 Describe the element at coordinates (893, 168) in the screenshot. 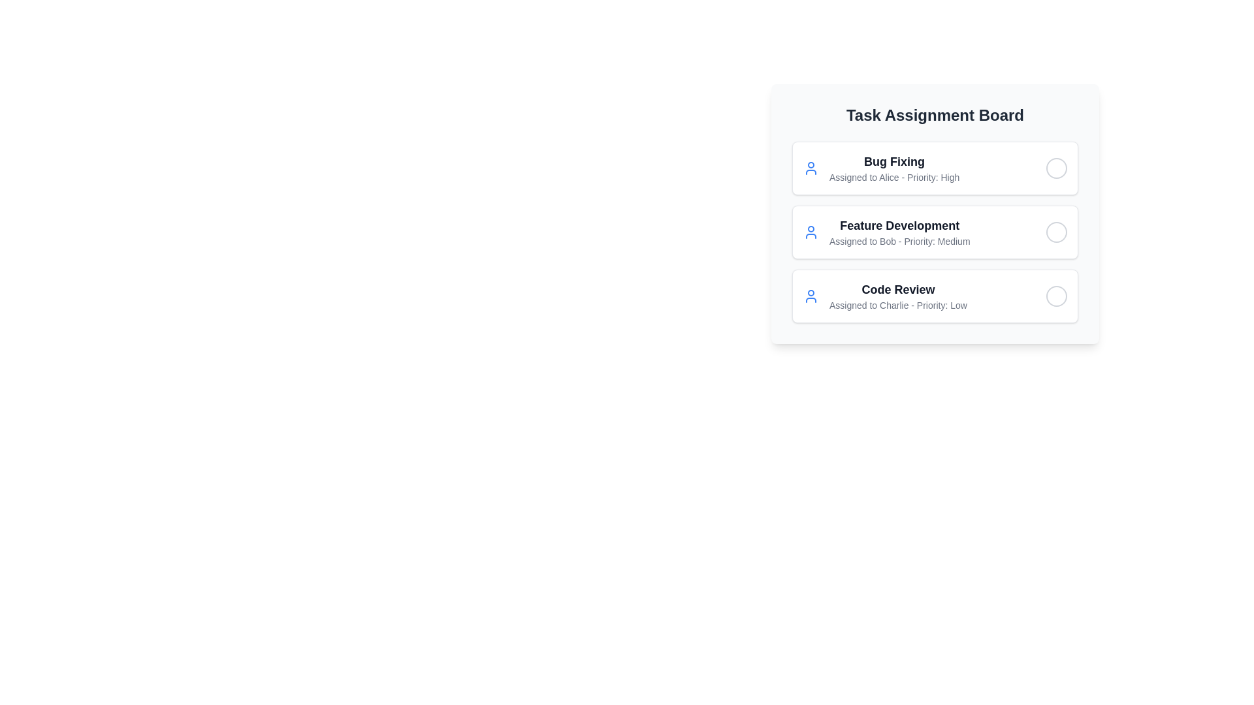

I see `information displayed in the first task of the 'Task Assignment Board', which includes its title, assignment, and priority` at that location.